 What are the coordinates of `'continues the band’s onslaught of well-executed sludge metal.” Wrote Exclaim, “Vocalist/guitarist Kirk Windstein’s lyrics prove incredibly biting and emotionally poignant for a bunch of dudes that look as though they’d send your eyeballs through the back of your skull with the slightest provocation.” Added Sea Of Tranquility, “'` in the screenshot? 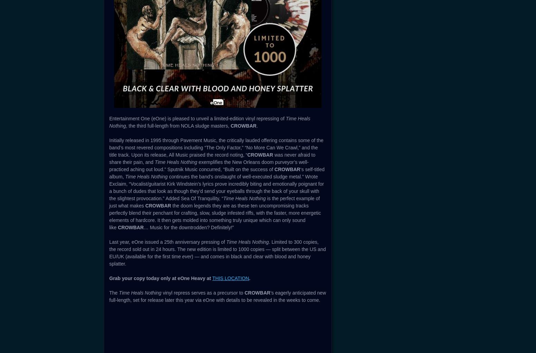 It's located at (216, 187).